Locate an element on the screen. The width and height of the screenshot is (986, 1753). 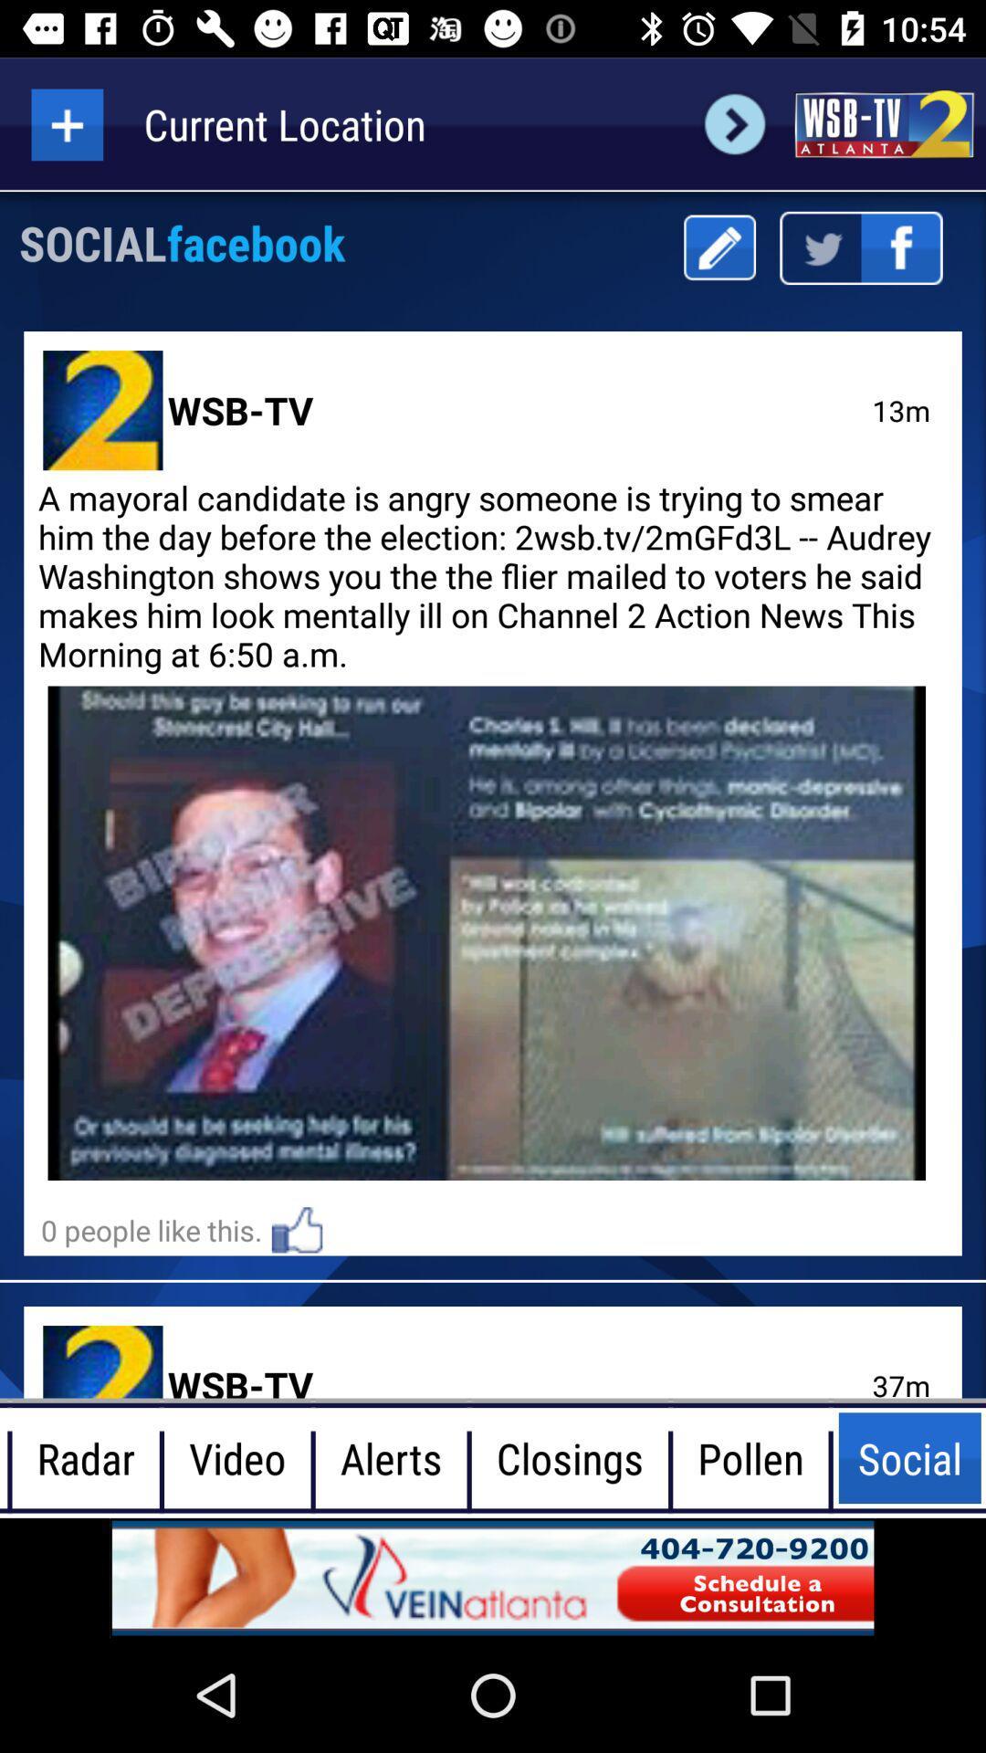
botton is located at coordinates (66, 123).